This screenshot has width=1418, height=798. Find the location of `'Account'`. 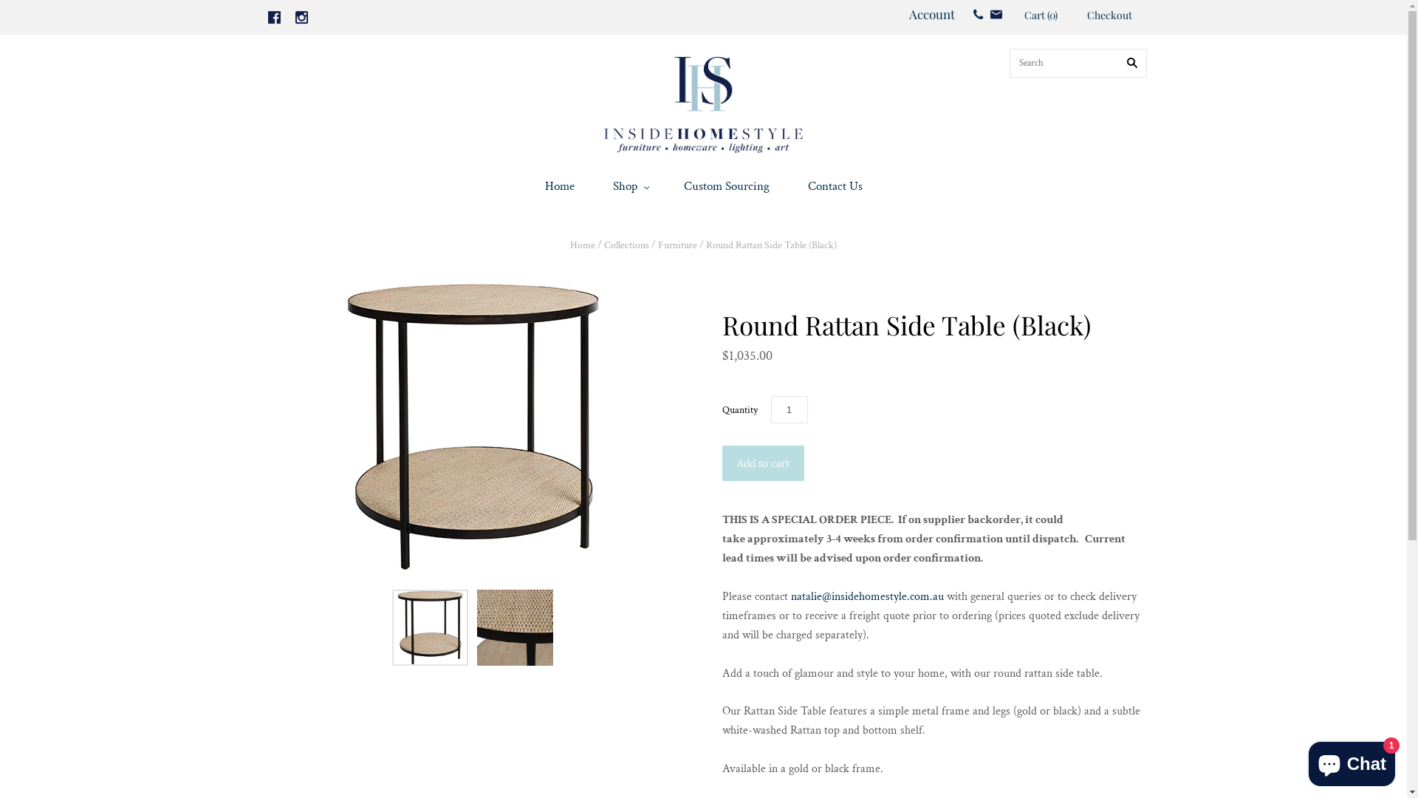

'Account' is located at coordinates (931, 14).